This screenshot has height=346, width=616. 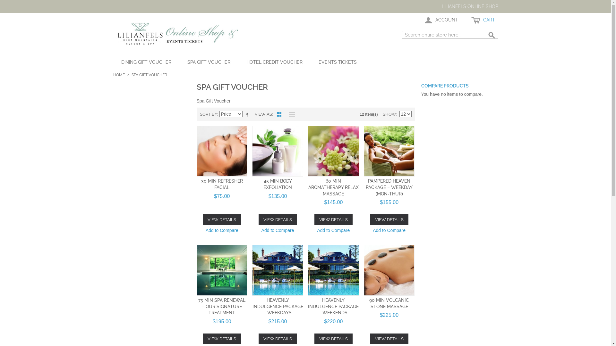 What do you see at coordinates (337, 62) in the screenshot?
I see `'EVENTS TICKETS'` at bounding box center [337, 62].